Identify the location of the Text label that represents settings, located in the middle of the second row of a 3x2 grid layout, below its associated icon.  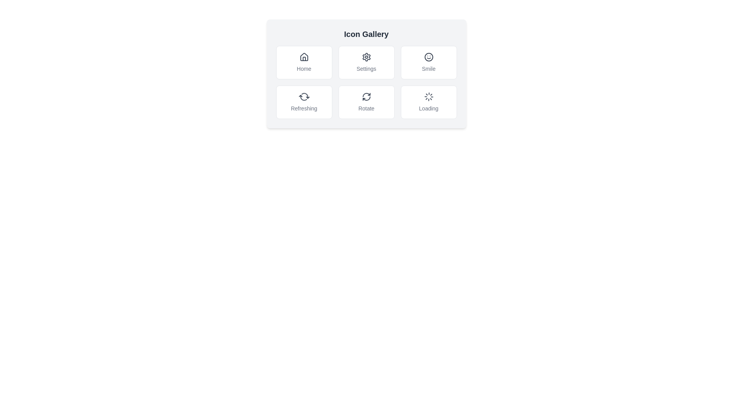
(366, 68).